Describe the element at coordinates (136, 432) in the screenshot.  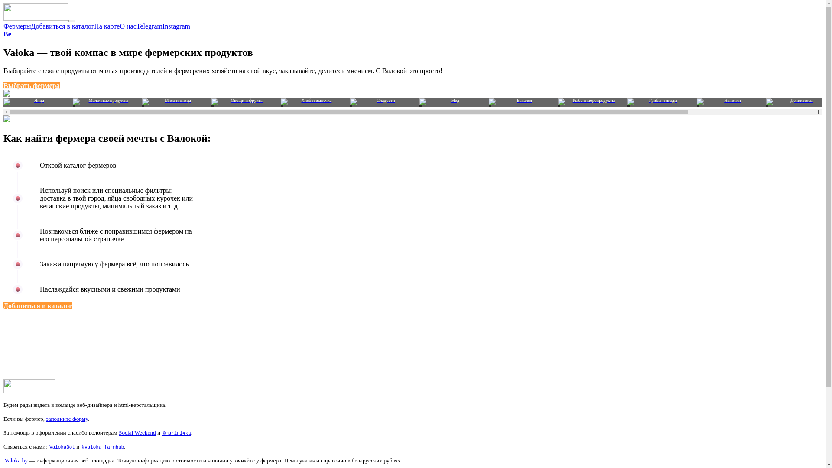
I see `'Social Weekend'` at that location.